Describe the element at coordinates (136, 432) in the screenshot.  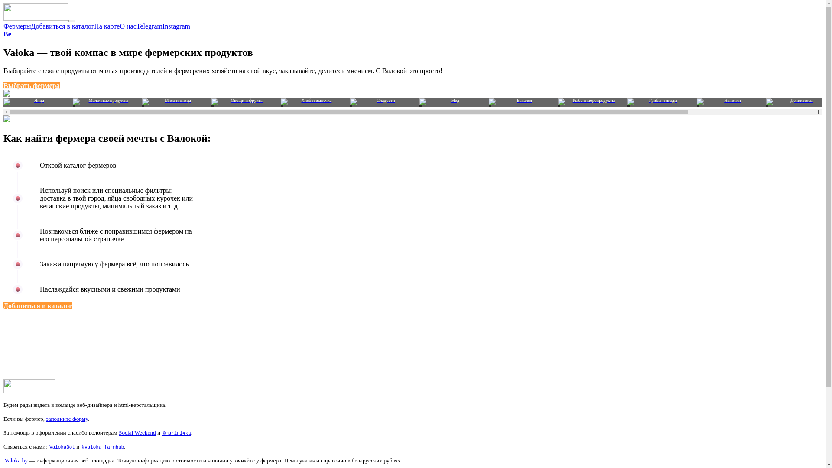
I see `'Social Weekend'` at that location.